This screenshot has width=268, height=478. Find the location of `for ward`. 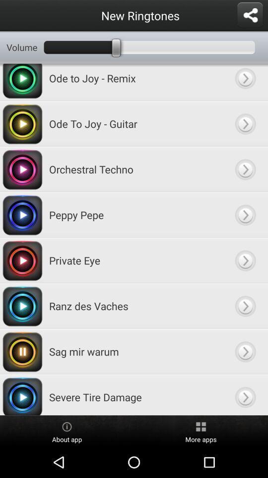

for ward is located at coordinates (245, 305).